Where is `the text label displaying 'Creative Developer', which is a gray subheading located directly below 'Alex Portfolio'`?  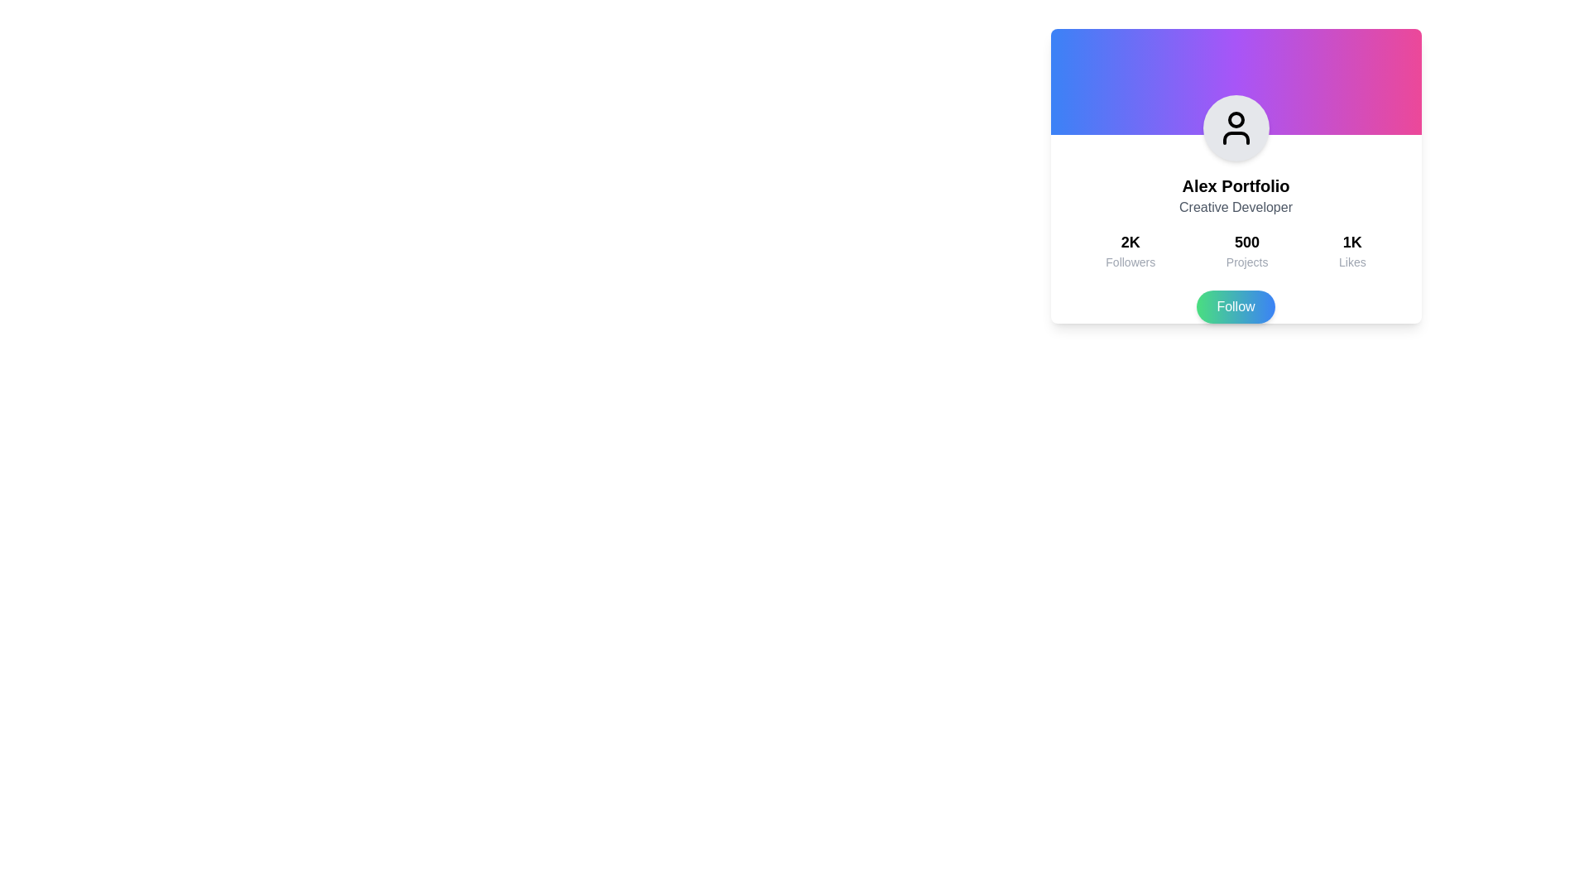
the text label displaying 'Creative Developer', which is a gray subheading located directly below 'Alex Portfolio' is located at coordinates (1236, 206).